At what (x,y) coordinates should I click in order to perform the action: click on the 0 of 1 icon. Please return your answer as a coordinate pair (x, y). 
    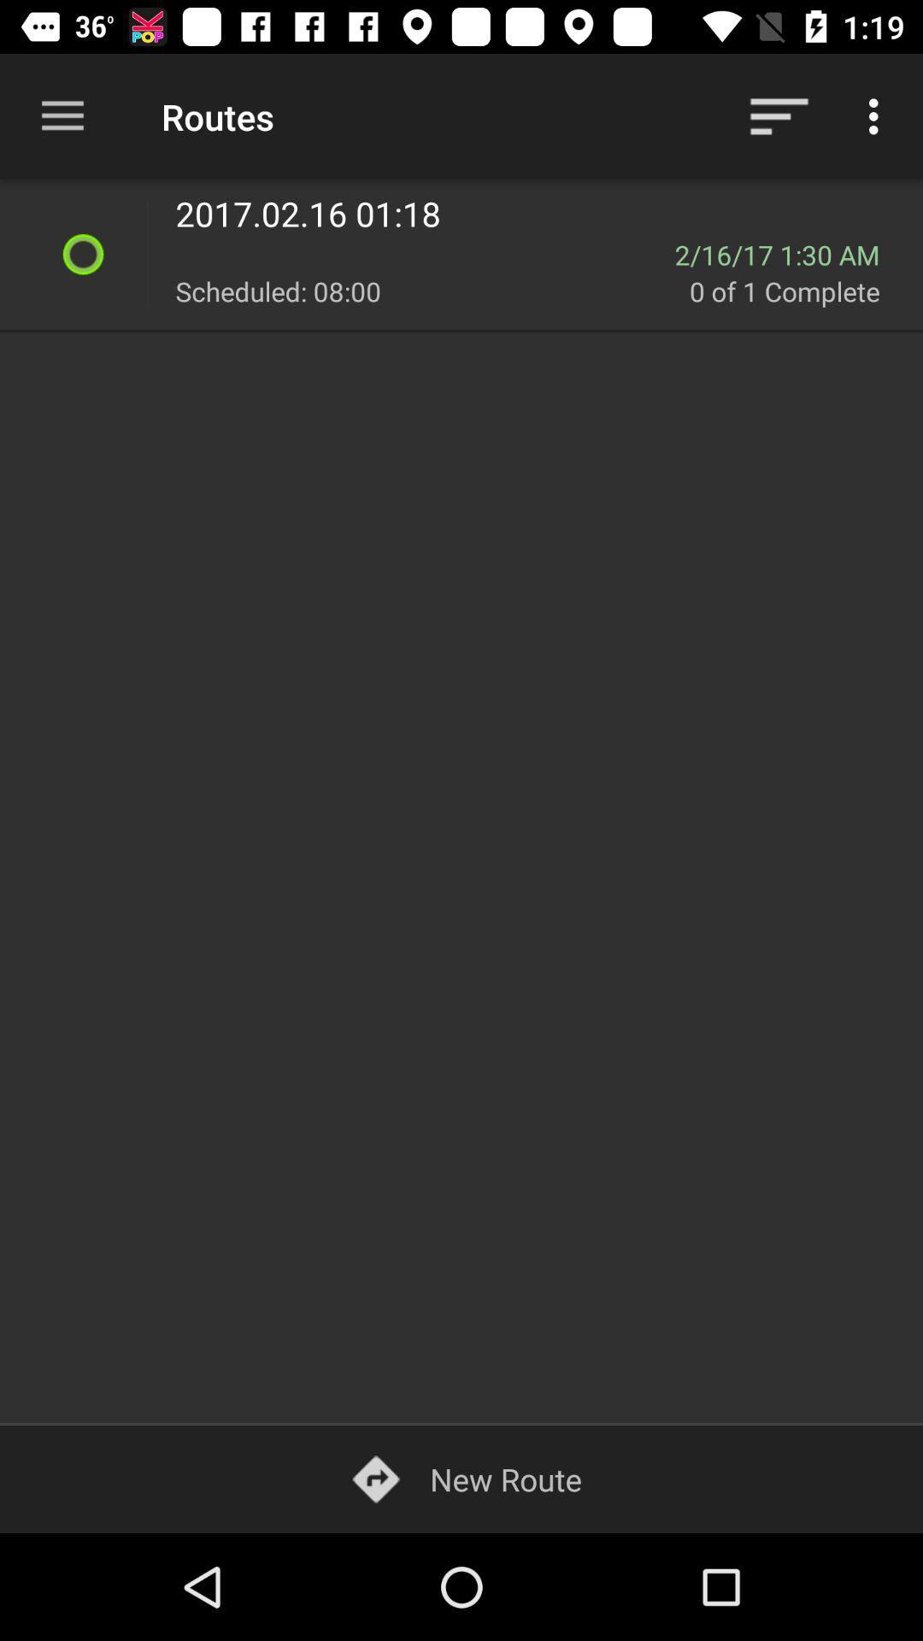
    Looking at the image, I should click on (796, 291).